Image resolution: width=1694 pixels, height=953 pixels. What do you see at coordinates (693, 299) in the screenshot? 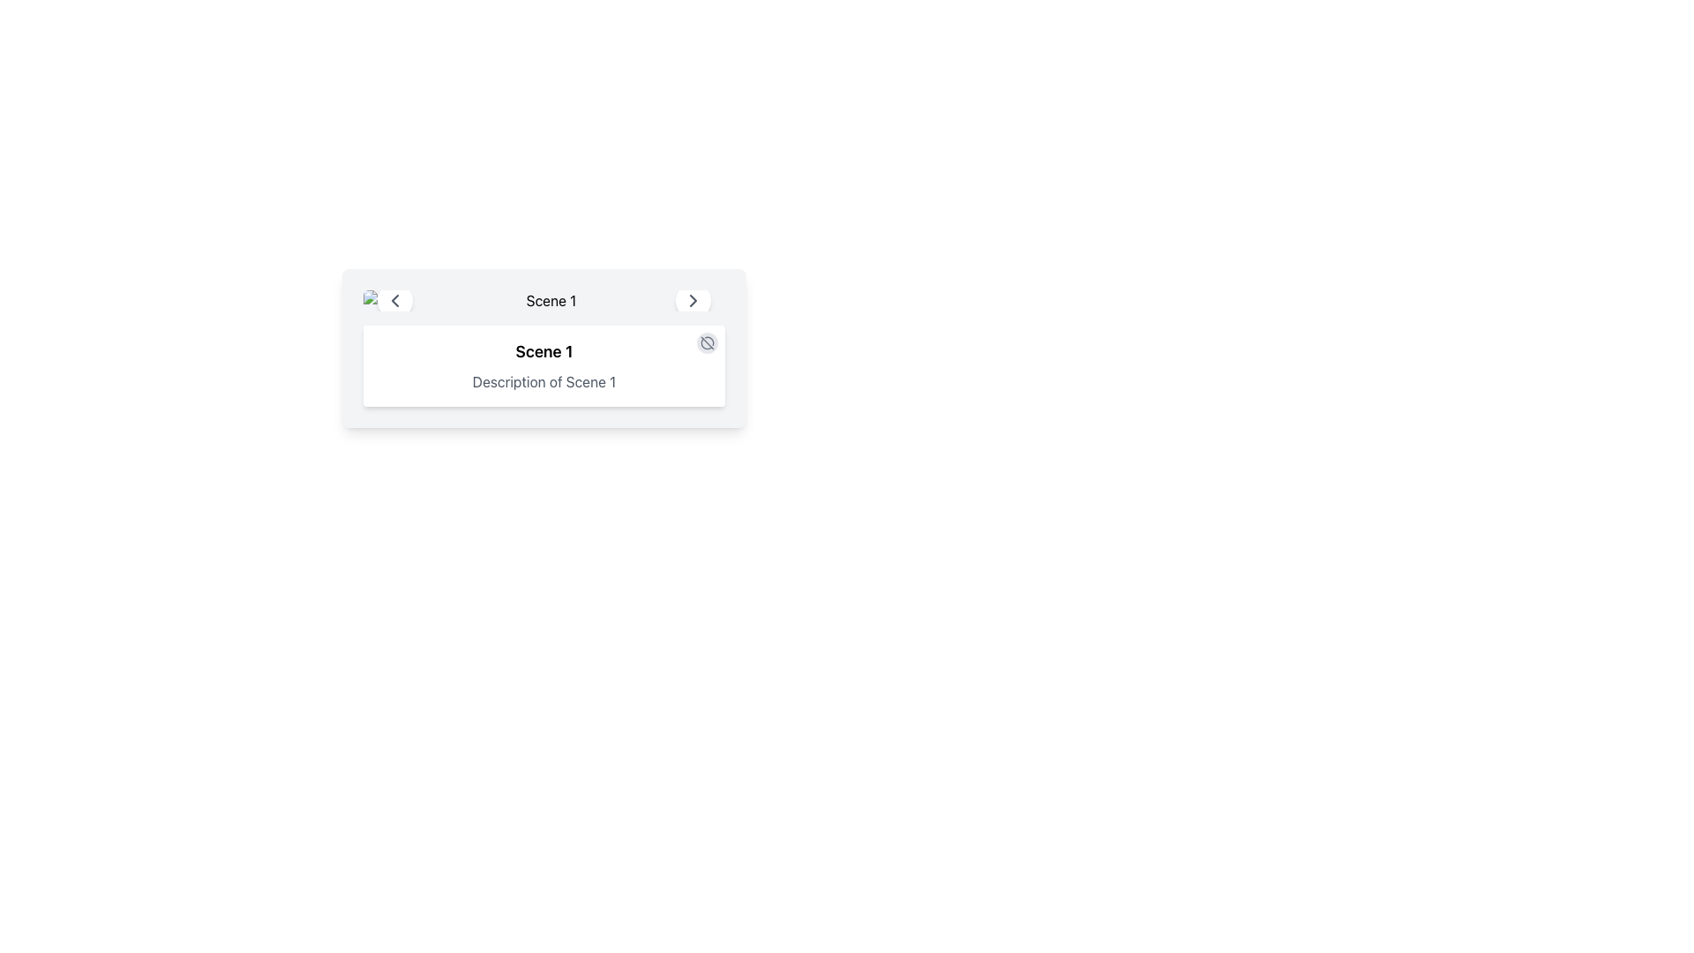
I see `the right-pointing chevron icon button with a white background and gray color` at bounding box center [693, 299].